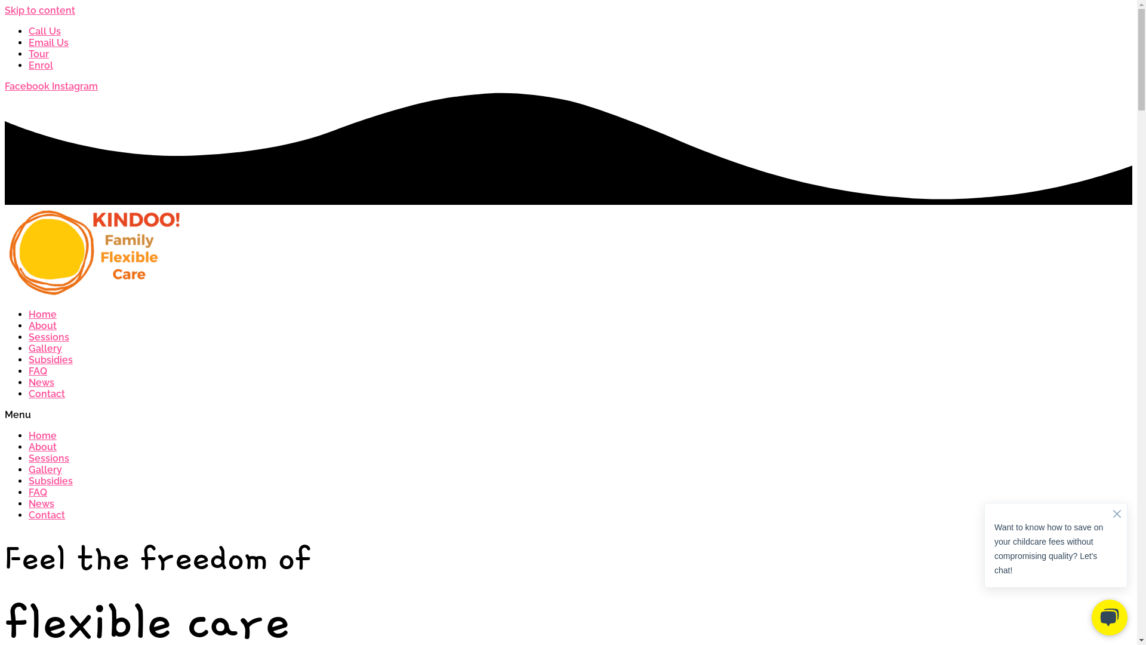  Describe the element at coordinates (74, 85) in the screenshot. I see `'Instagram'` at that location.